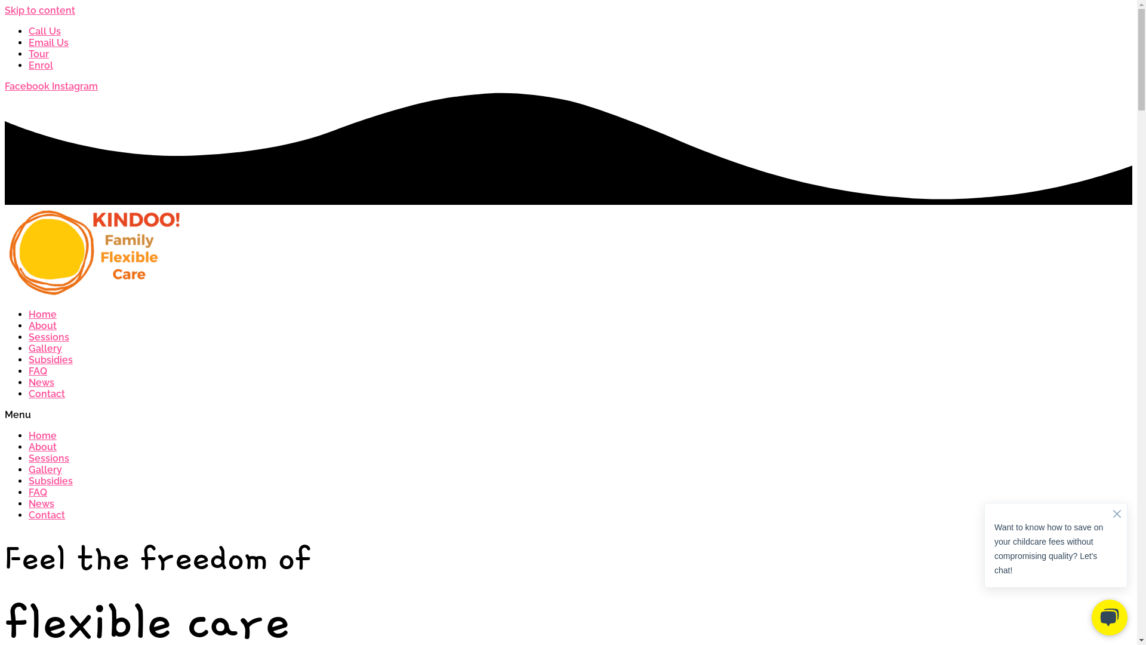  Describe the element at coordinates (74, 85) in the screenshot. I see `'Instagram'` at that location.